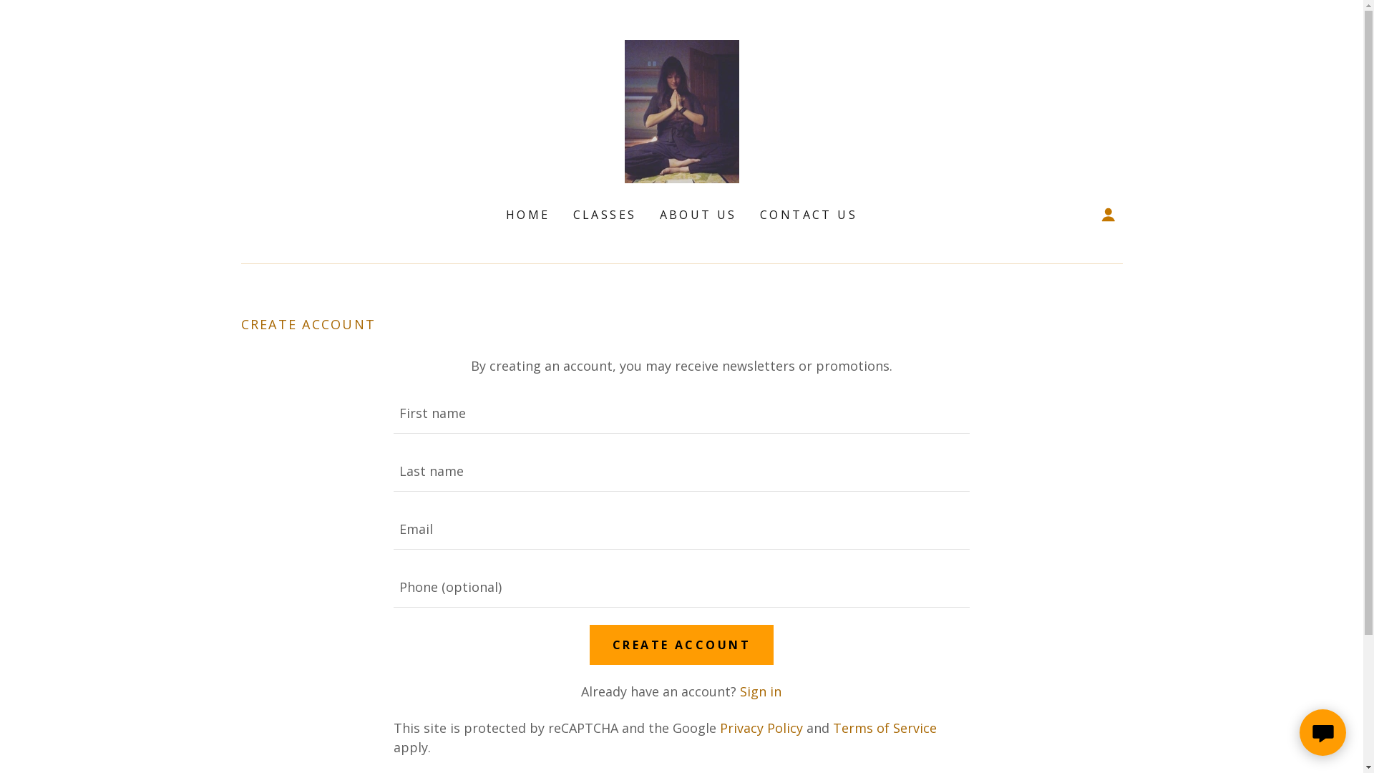  What do you see at coordinates (698, 215) in the screenshot?
I see `'ABOUT US'` at bounding box center [698, 215].